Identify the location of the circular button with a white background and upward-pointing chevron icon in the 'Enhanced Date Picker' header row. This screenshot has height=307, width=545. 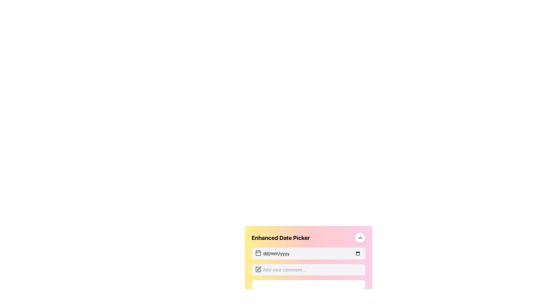
(360, 238).